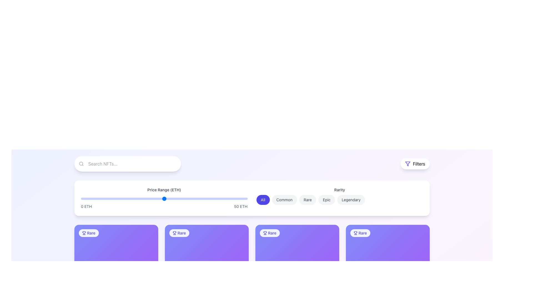 The image size is (533, 299). I want to click on the slider value, so click(130, 198).